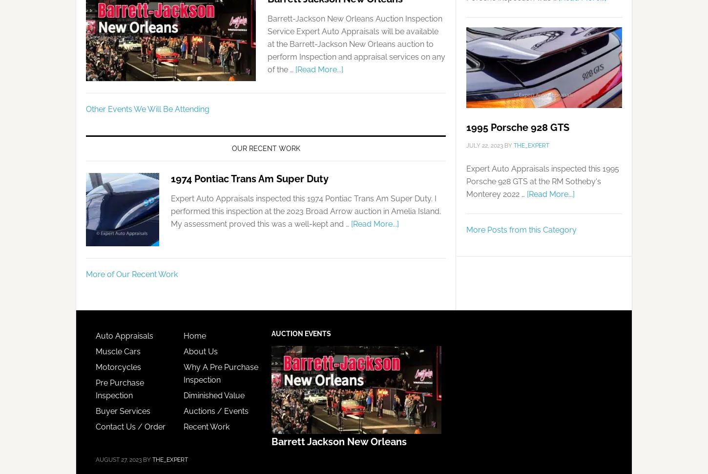 This screenshot has height=474, width=708. What do you see at coordinates (142, 459) in the screenshot?
I see `'By'` at bounding box center [142, 459].